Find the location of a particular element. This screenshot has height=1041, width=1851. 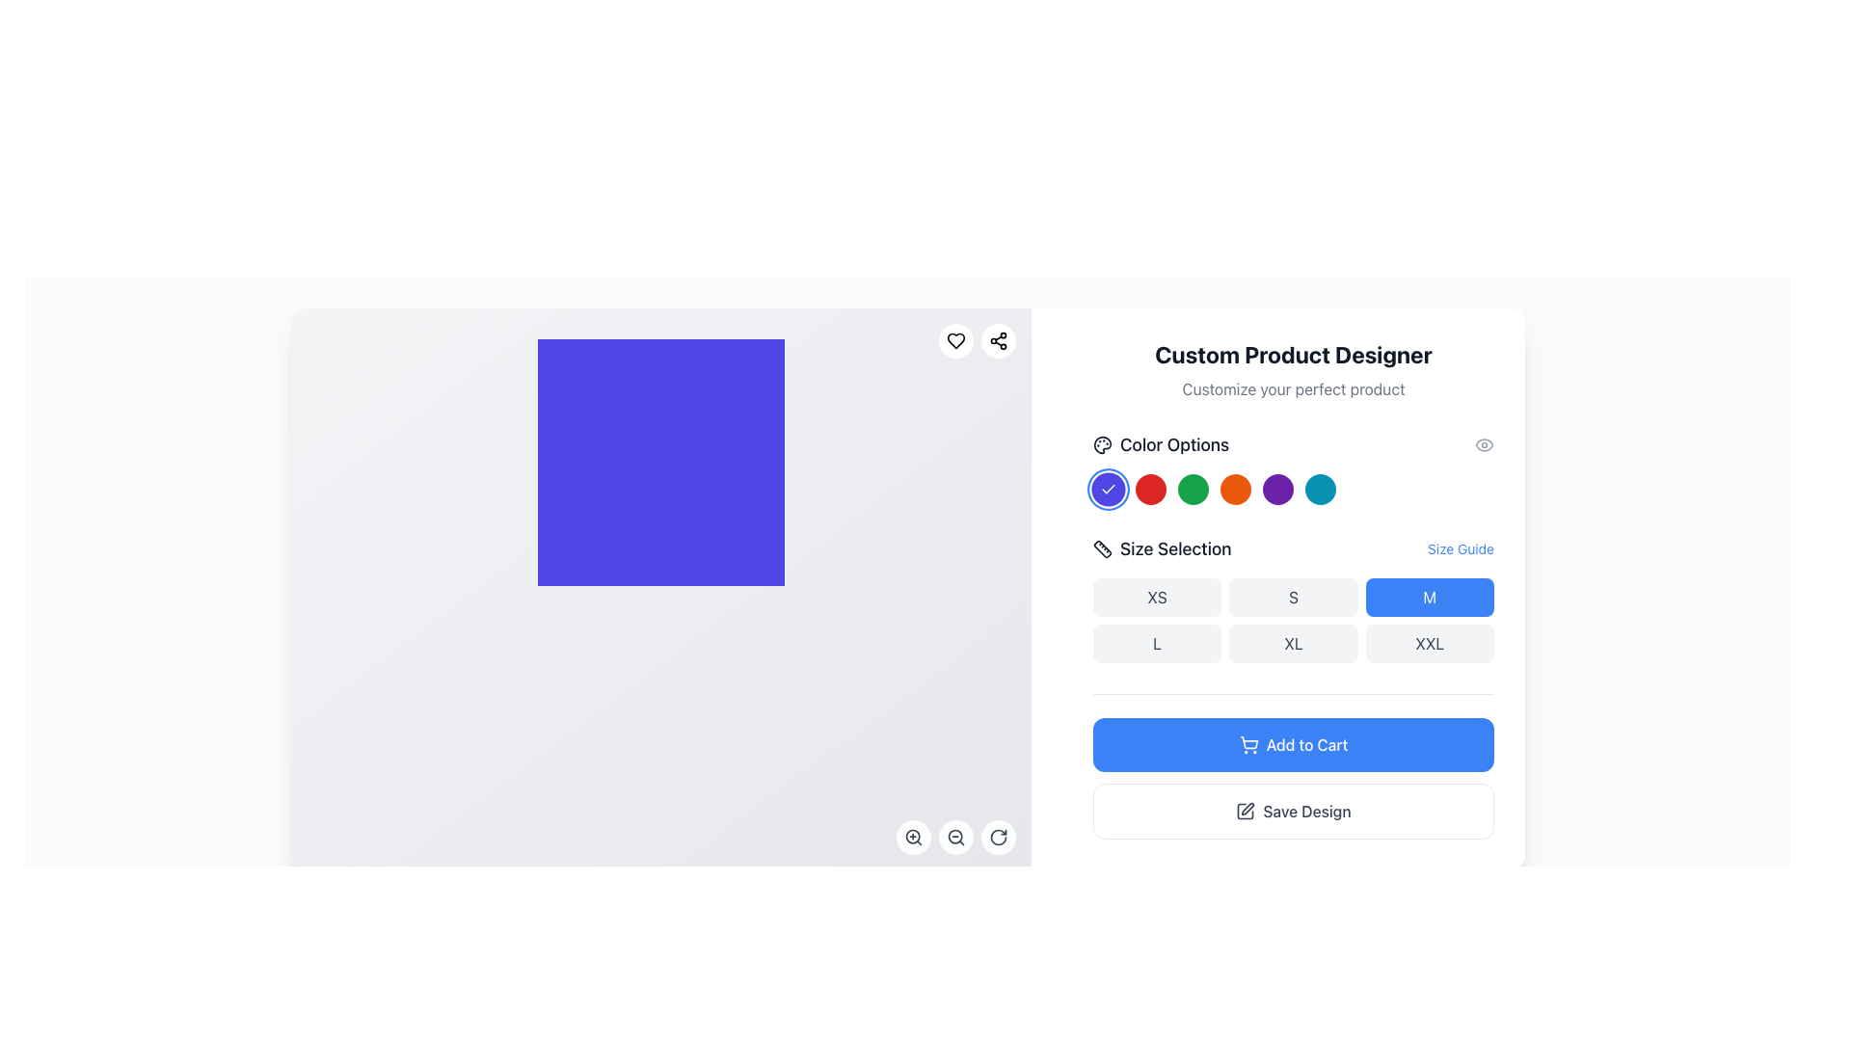

the fifth purple circular button in the row of color buttons under the 'Color Options' section on the right sidebar is located at coordinates (1294, 489).